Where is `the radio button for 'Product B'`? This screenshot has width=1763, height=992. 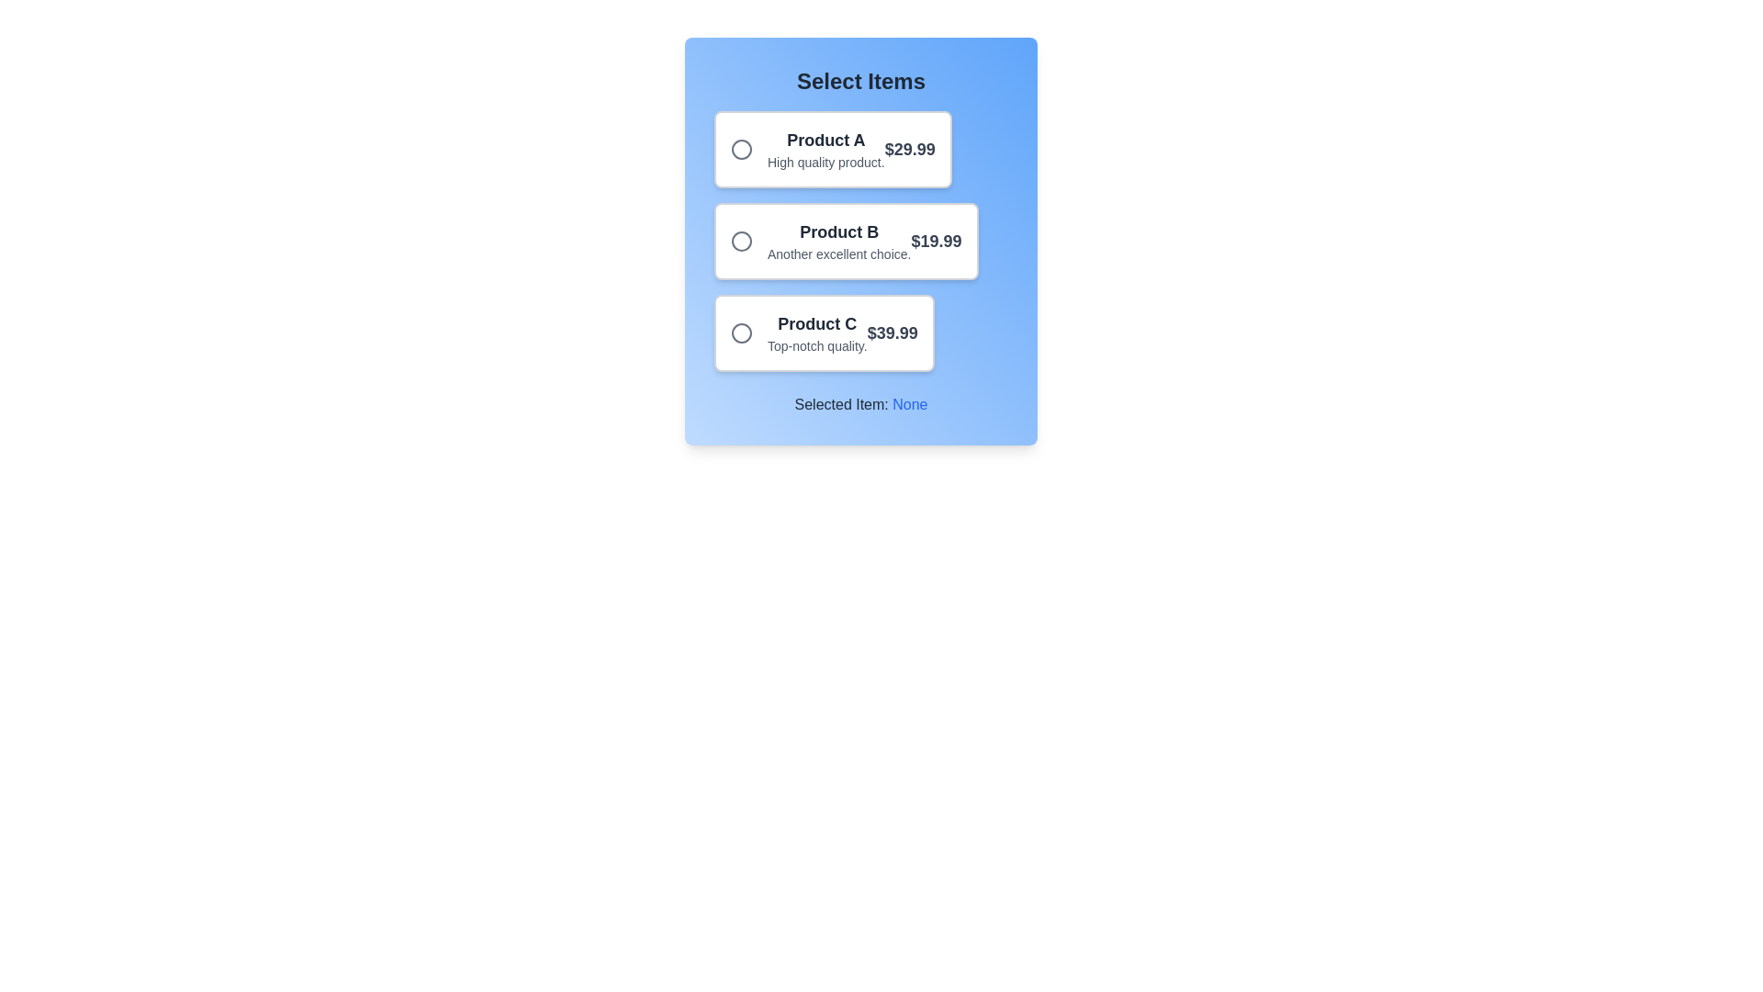
the radio button for 'Product B' is located at coordinates (741, 240).